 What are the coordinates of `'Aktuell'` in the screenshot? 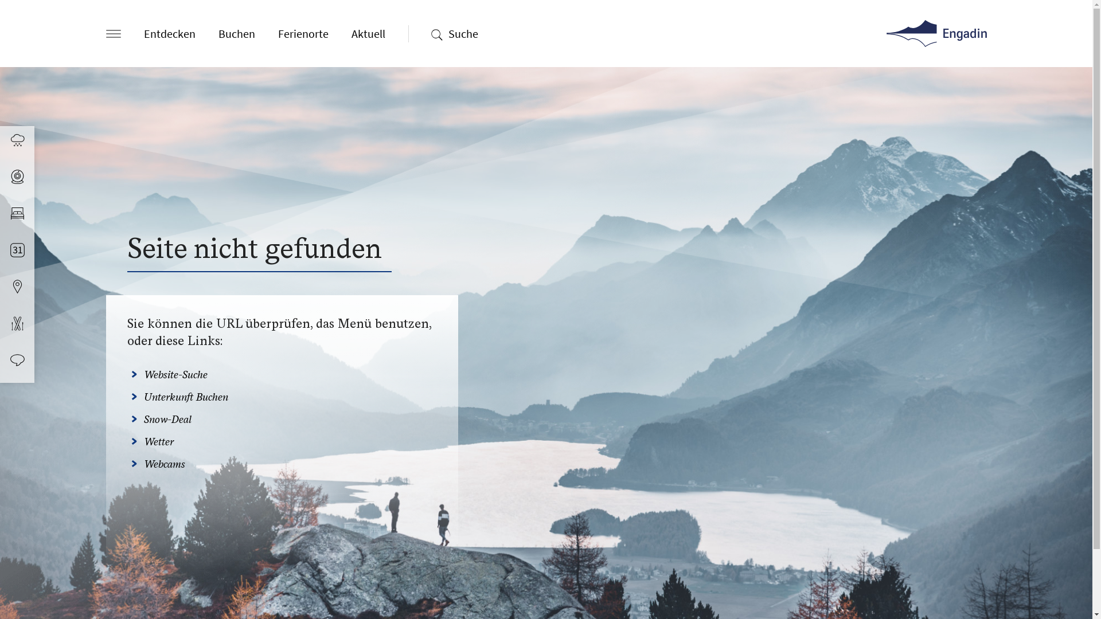 It's located at (350, 33).